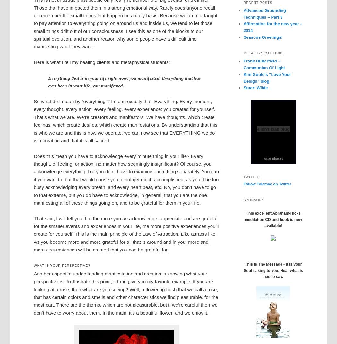  Describe the element at coordinates (264, 13) in the screenshot. I see `'Advanced Grounding Techniques – Part 3'` at that location.